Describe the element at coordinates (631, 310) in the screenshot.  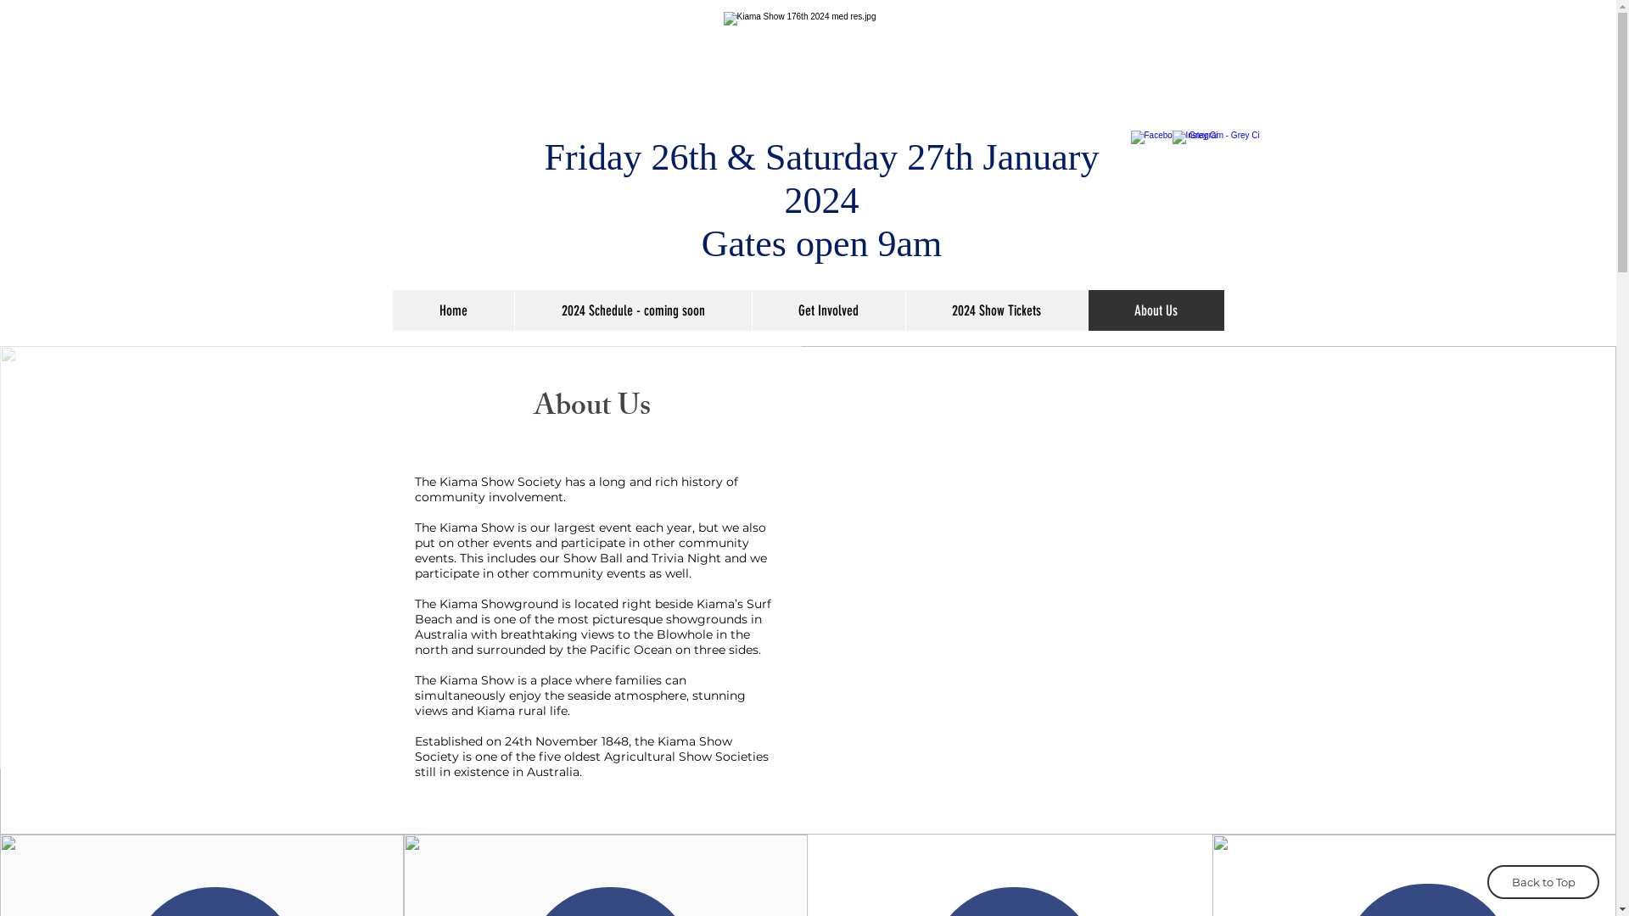
I see `'2024 Schedule - coming soon'` at that location.